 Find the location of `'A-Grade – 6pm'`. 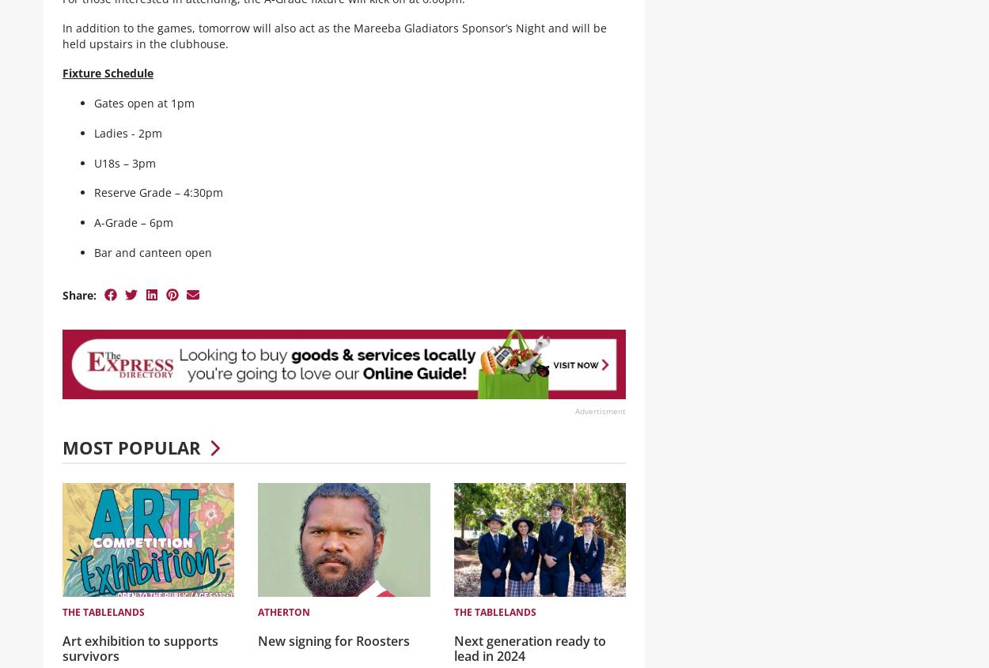

'A-Grade – 6pm' is located at coordinates (133, 235).